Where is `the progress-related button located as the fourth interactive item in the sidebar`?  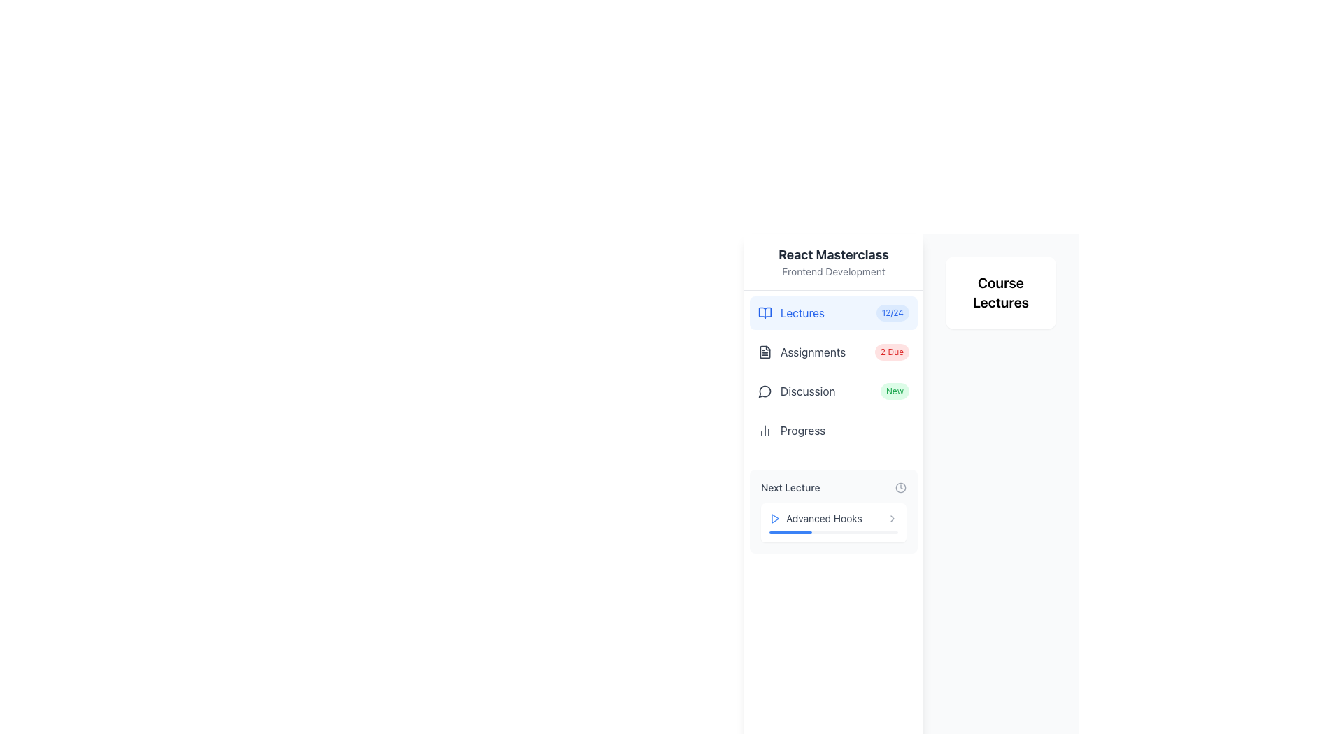 the progress-related button located as the fourth interactive item in the sidebar is located at coordinates (833, 430).